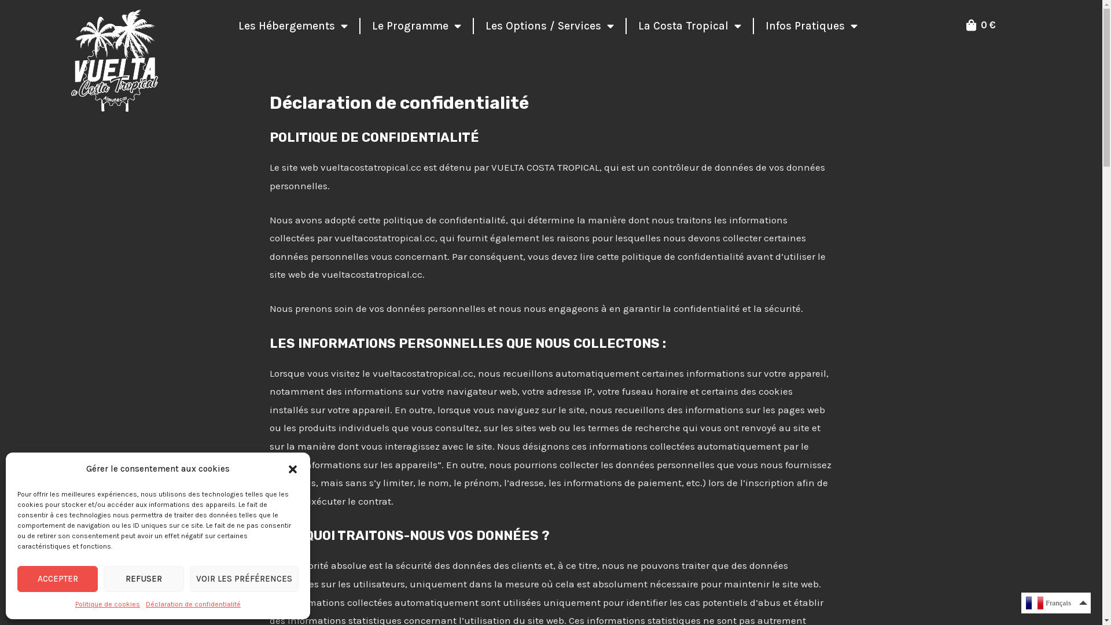 The width and height of the screenshot is (1111, 625). What do you see at coordinates (57, 579) in the screenshot?
I see `'ACCEPTER'` at bounding box center [57, 579].